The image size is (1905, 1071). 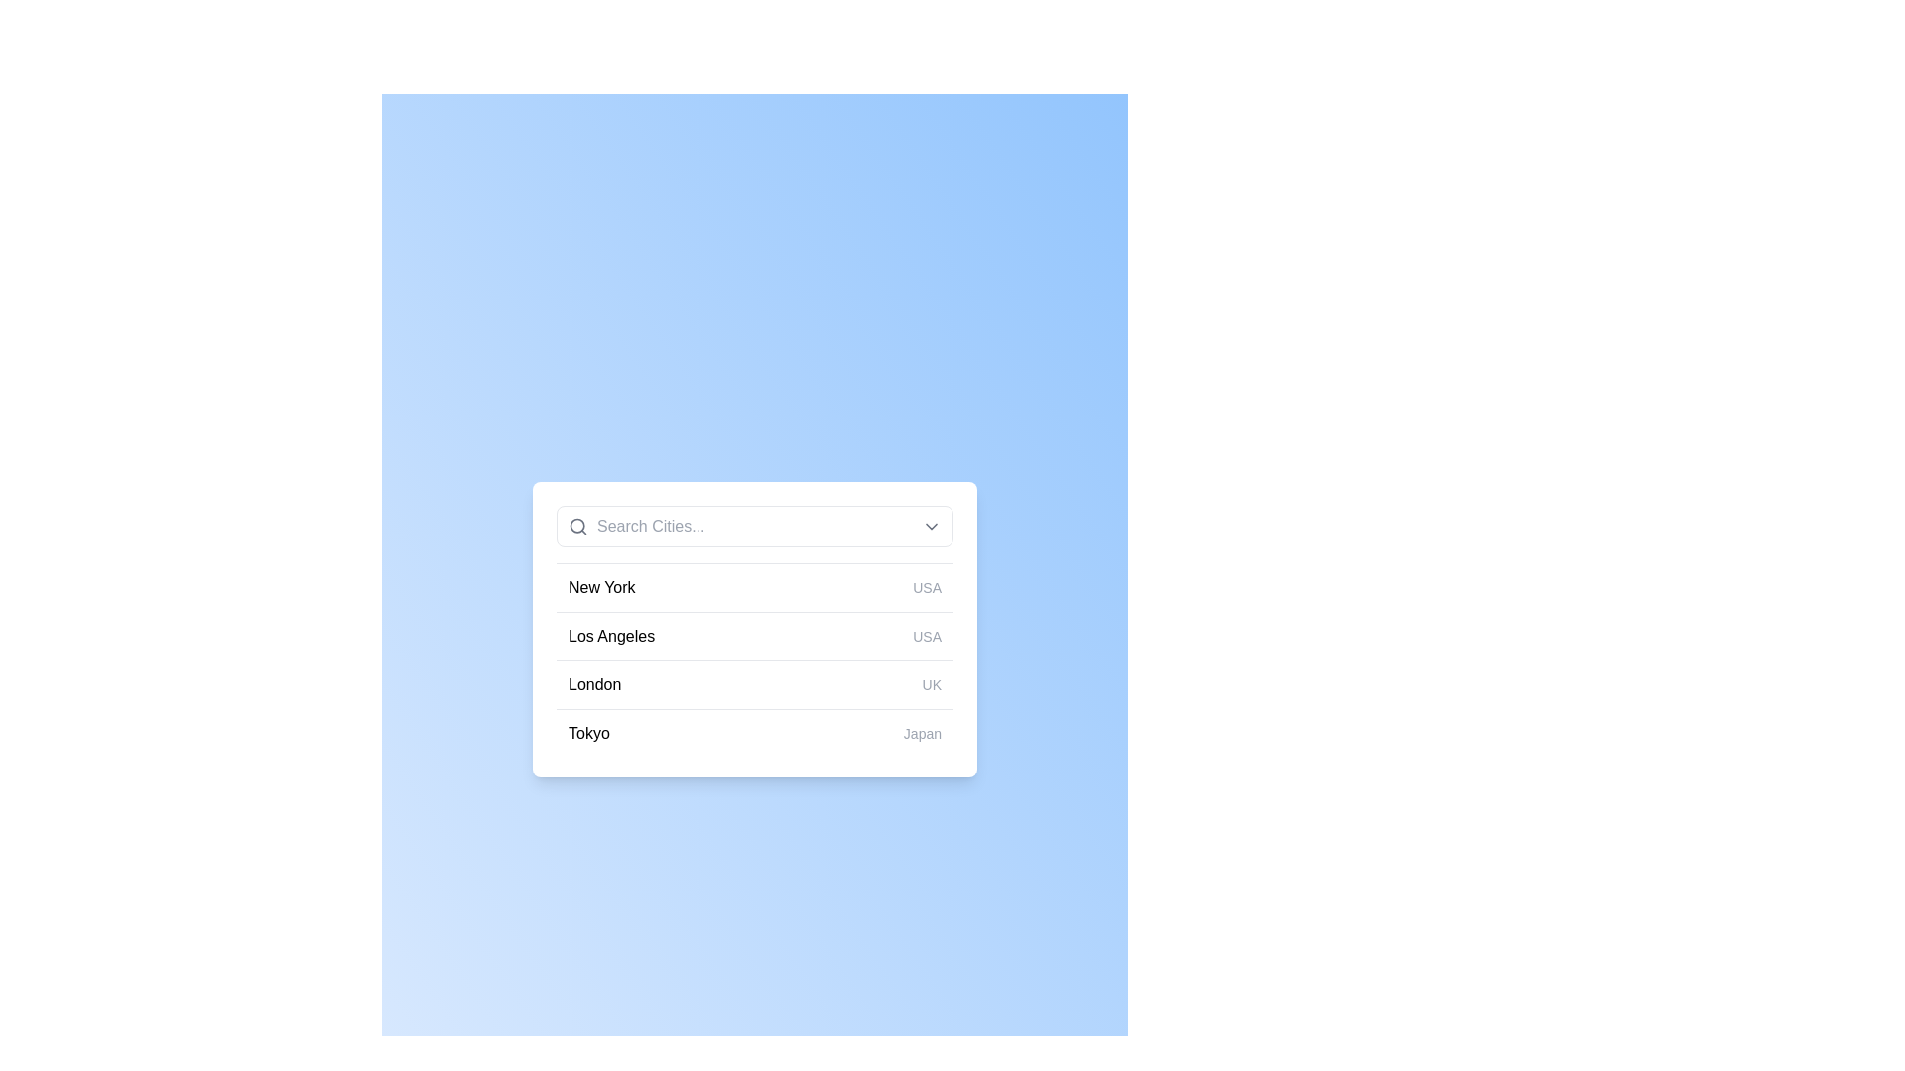 What do you see at coordinates (931, 683) in the screenshot?
I see `the Text label indicating the country associated with the city 'London', located in the bottom-right area of its row` at bounding box center [931, 683].